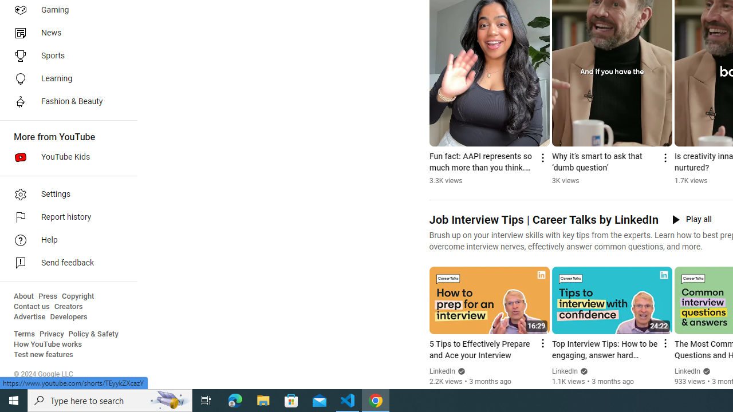 This screenshot has width=733, height=412. I want to click on 'News', so click(64, 32).